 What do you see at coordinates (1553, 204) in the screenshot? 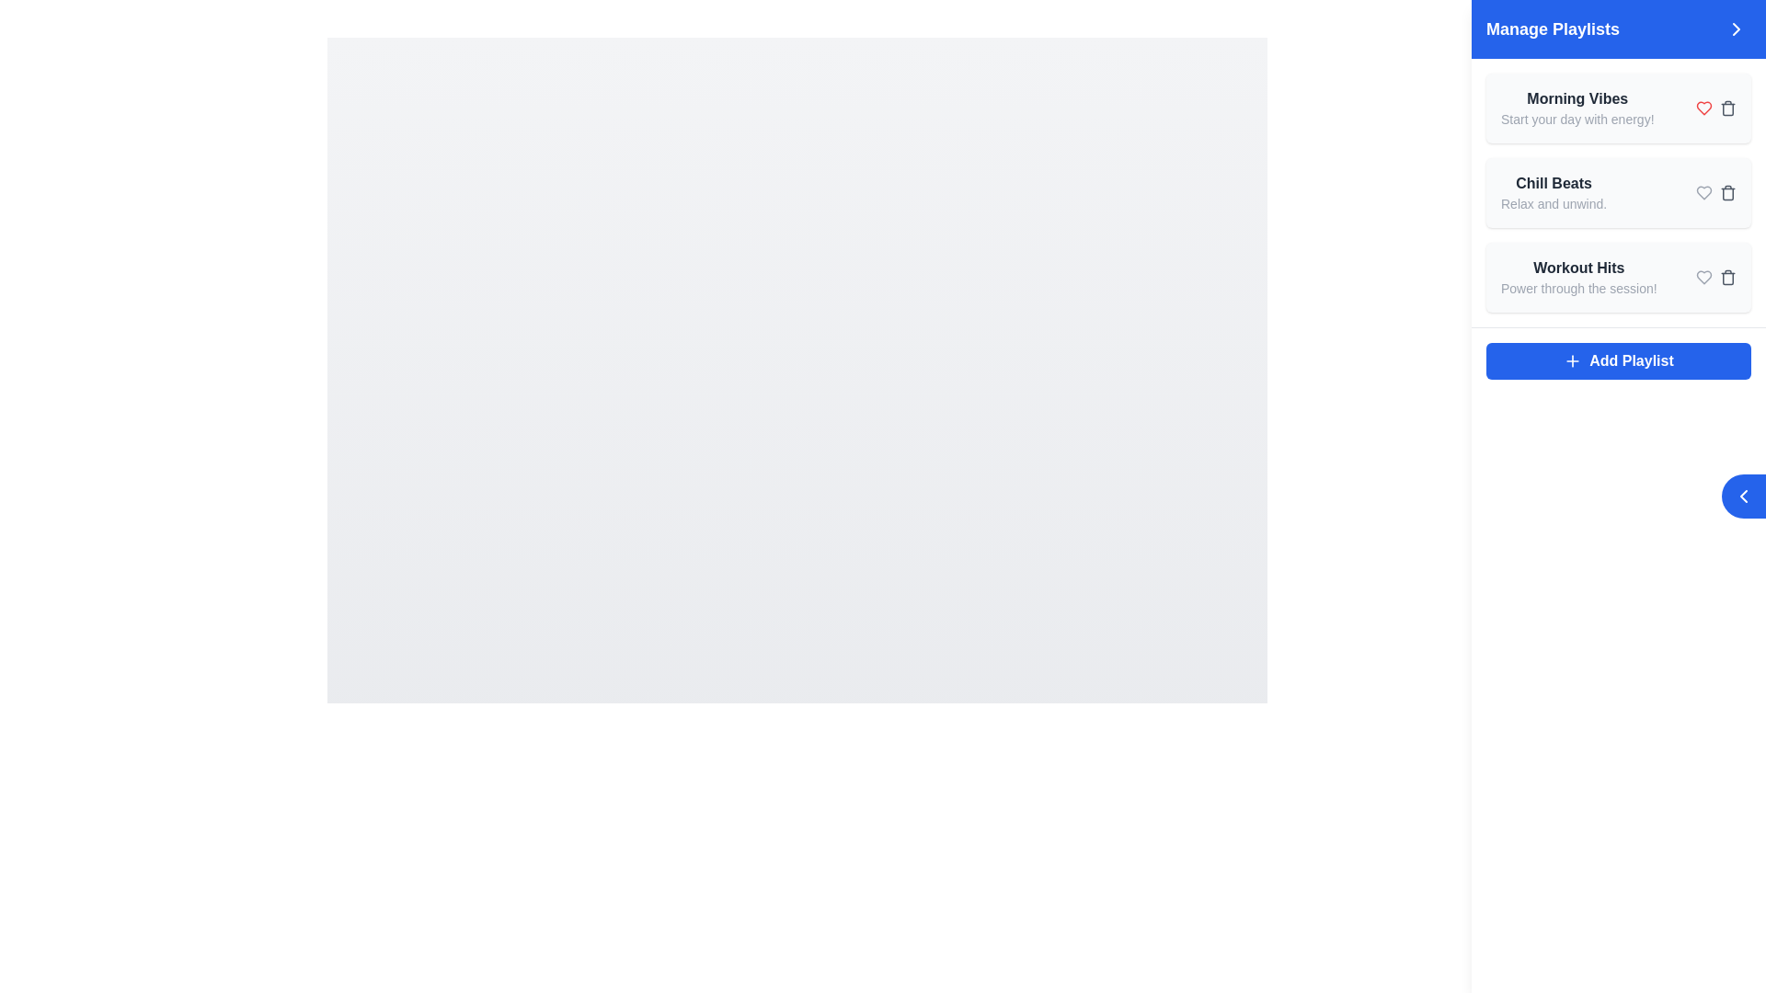
I see `the text component displaying 'Relax and unwind.' which is located below the title 'Chill Beats' in the playlist management interface` at bounding box center [1553, 204].